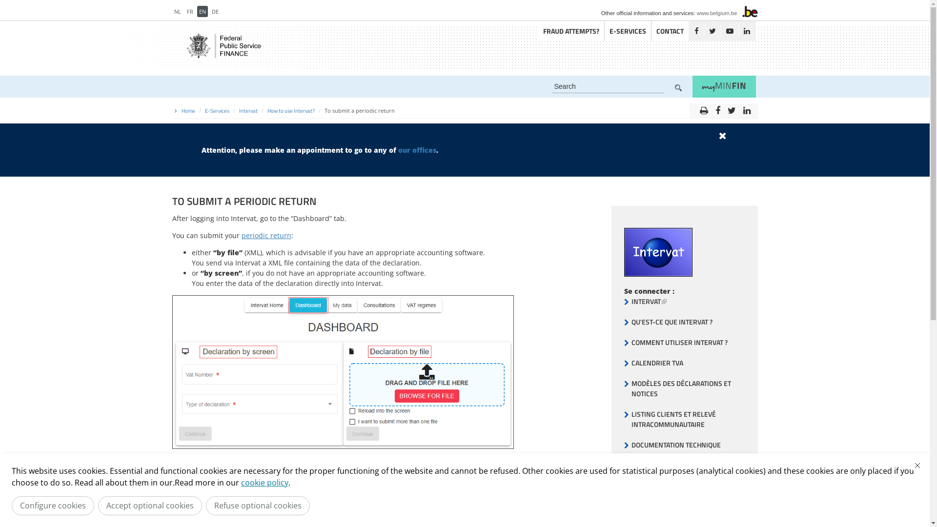  What do you see at coordinates (33, 0) in the screenshot?
I see `'Skip to main content'` at bounding box center [33, 0].